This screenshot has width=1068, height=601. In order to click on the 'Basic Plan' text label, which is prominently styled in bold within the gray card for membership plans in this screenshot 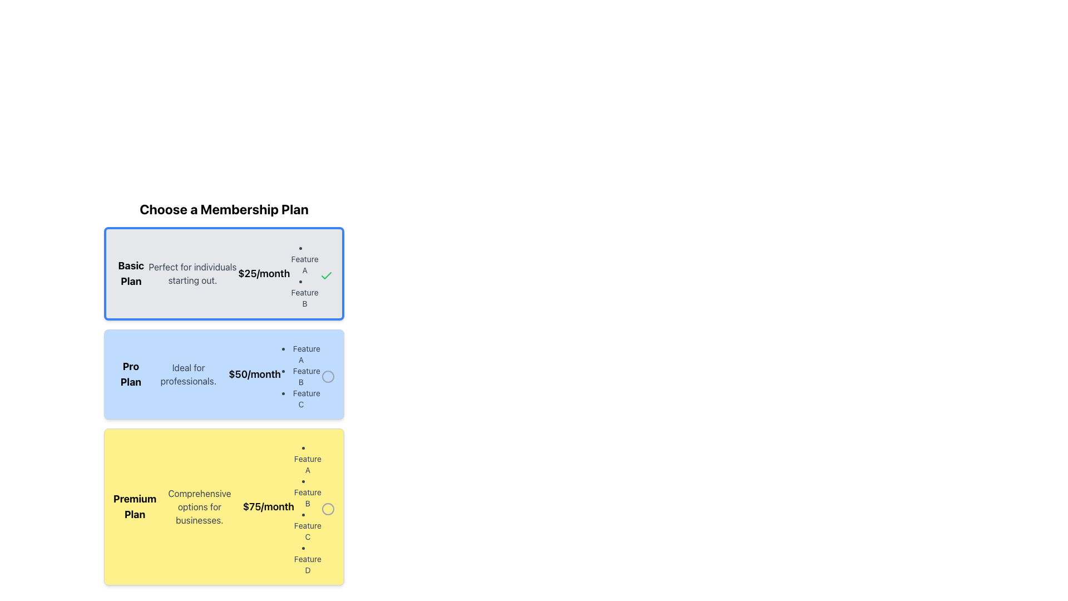, I will do `click(131, 274)`.